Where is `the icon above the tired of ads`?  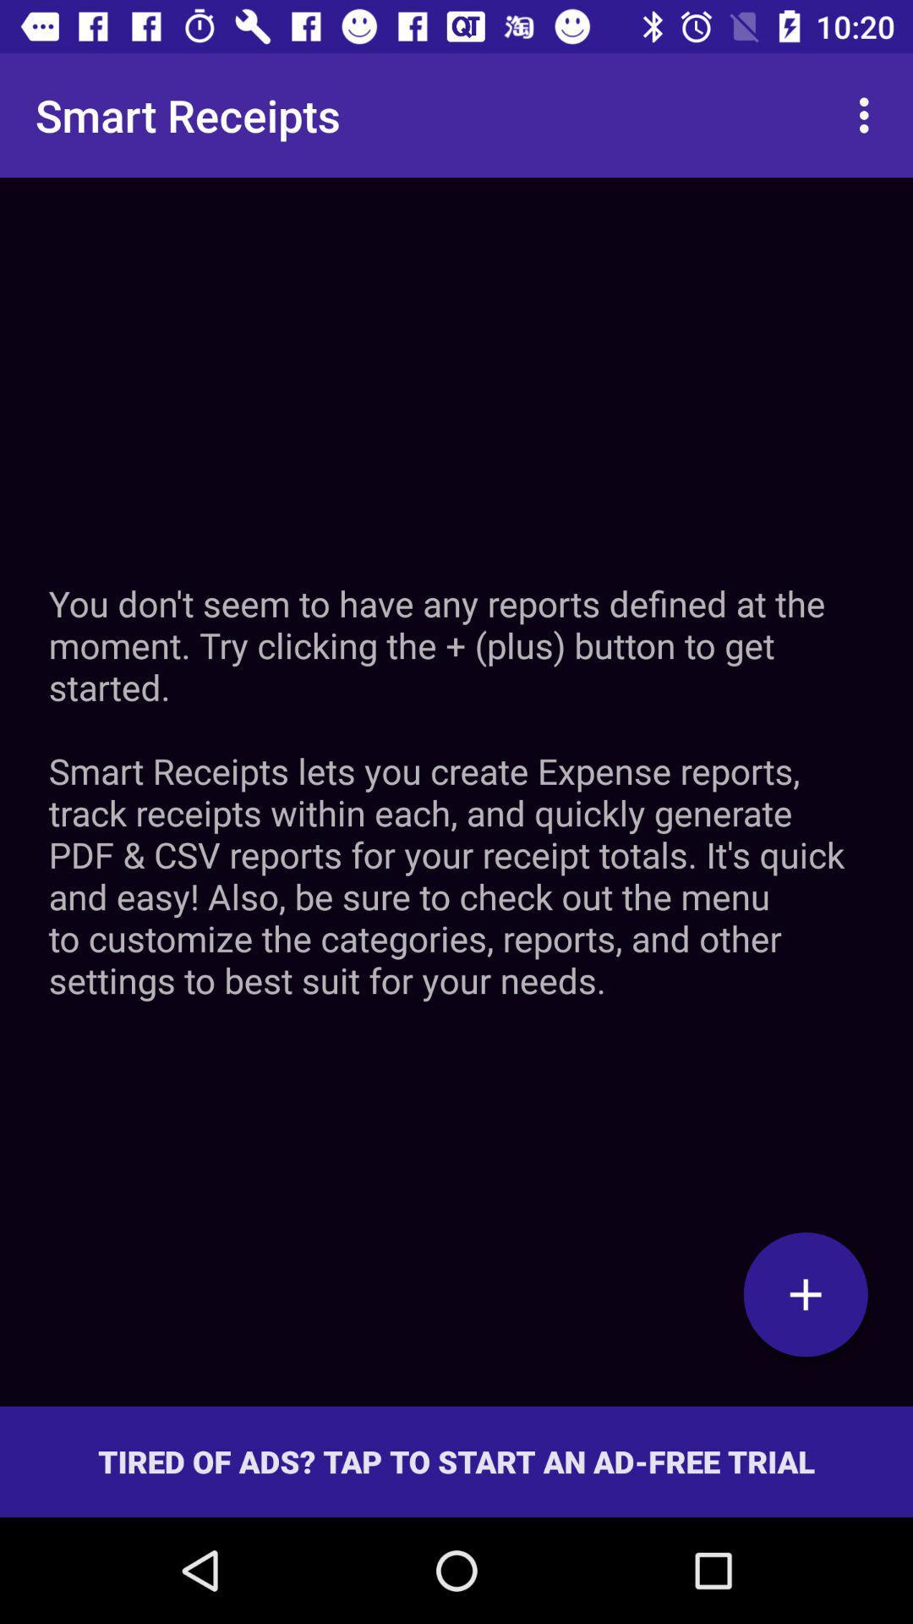 the icon above the tired of ads is located at coordinates (805, 1293).